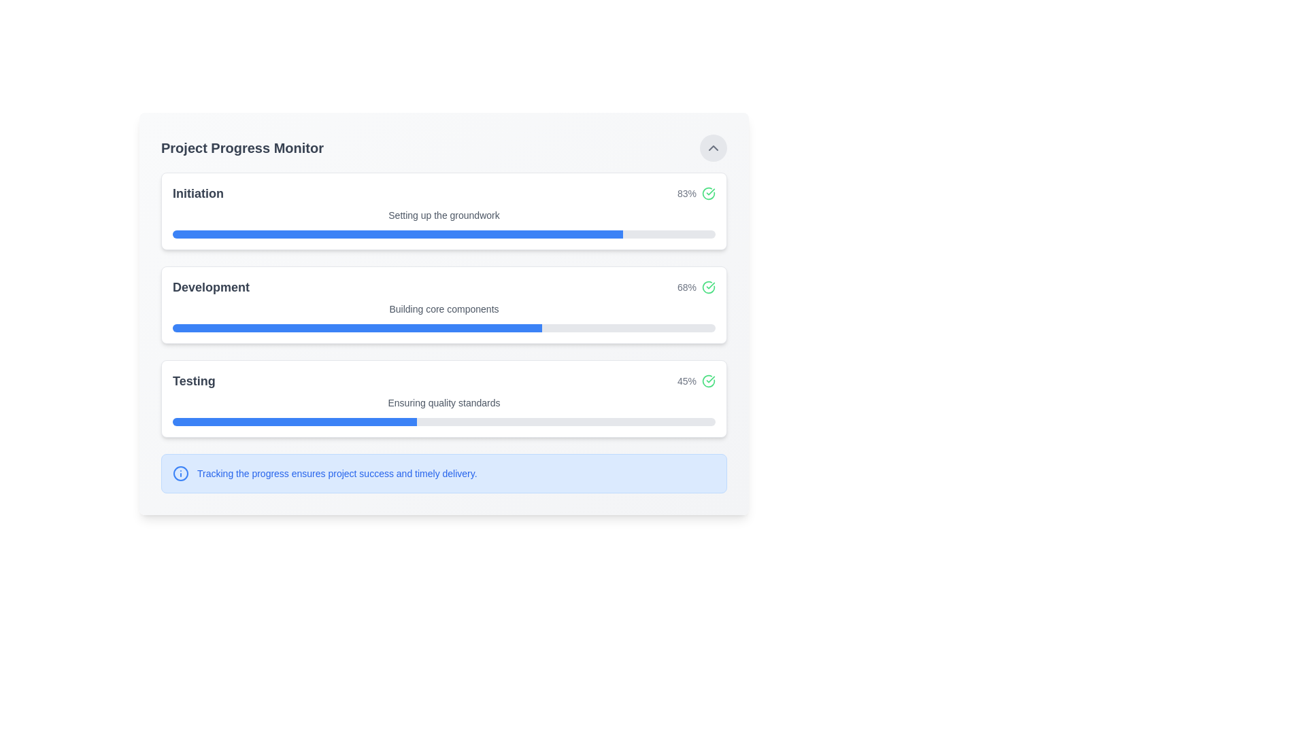 The width and height of the screenshot is (1306, 734). Describe the element at coordinates (443, 304) in the screenshot. I see `the card titled 'Development' which features a progress bar and a green checkmark, located in the center of the interface` at that location.